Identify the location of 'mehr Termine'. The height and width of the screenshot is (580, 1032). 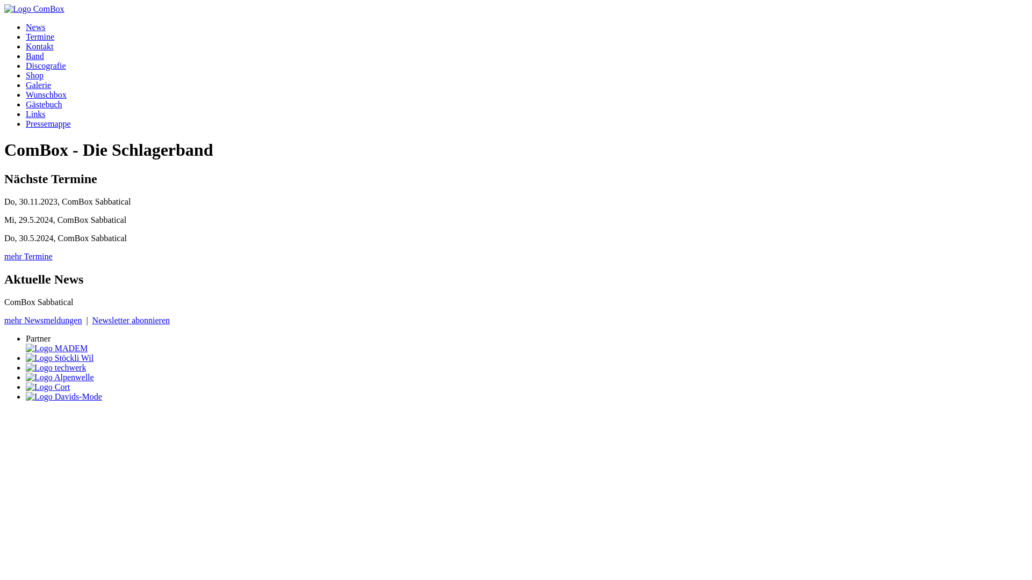
(4, 256).